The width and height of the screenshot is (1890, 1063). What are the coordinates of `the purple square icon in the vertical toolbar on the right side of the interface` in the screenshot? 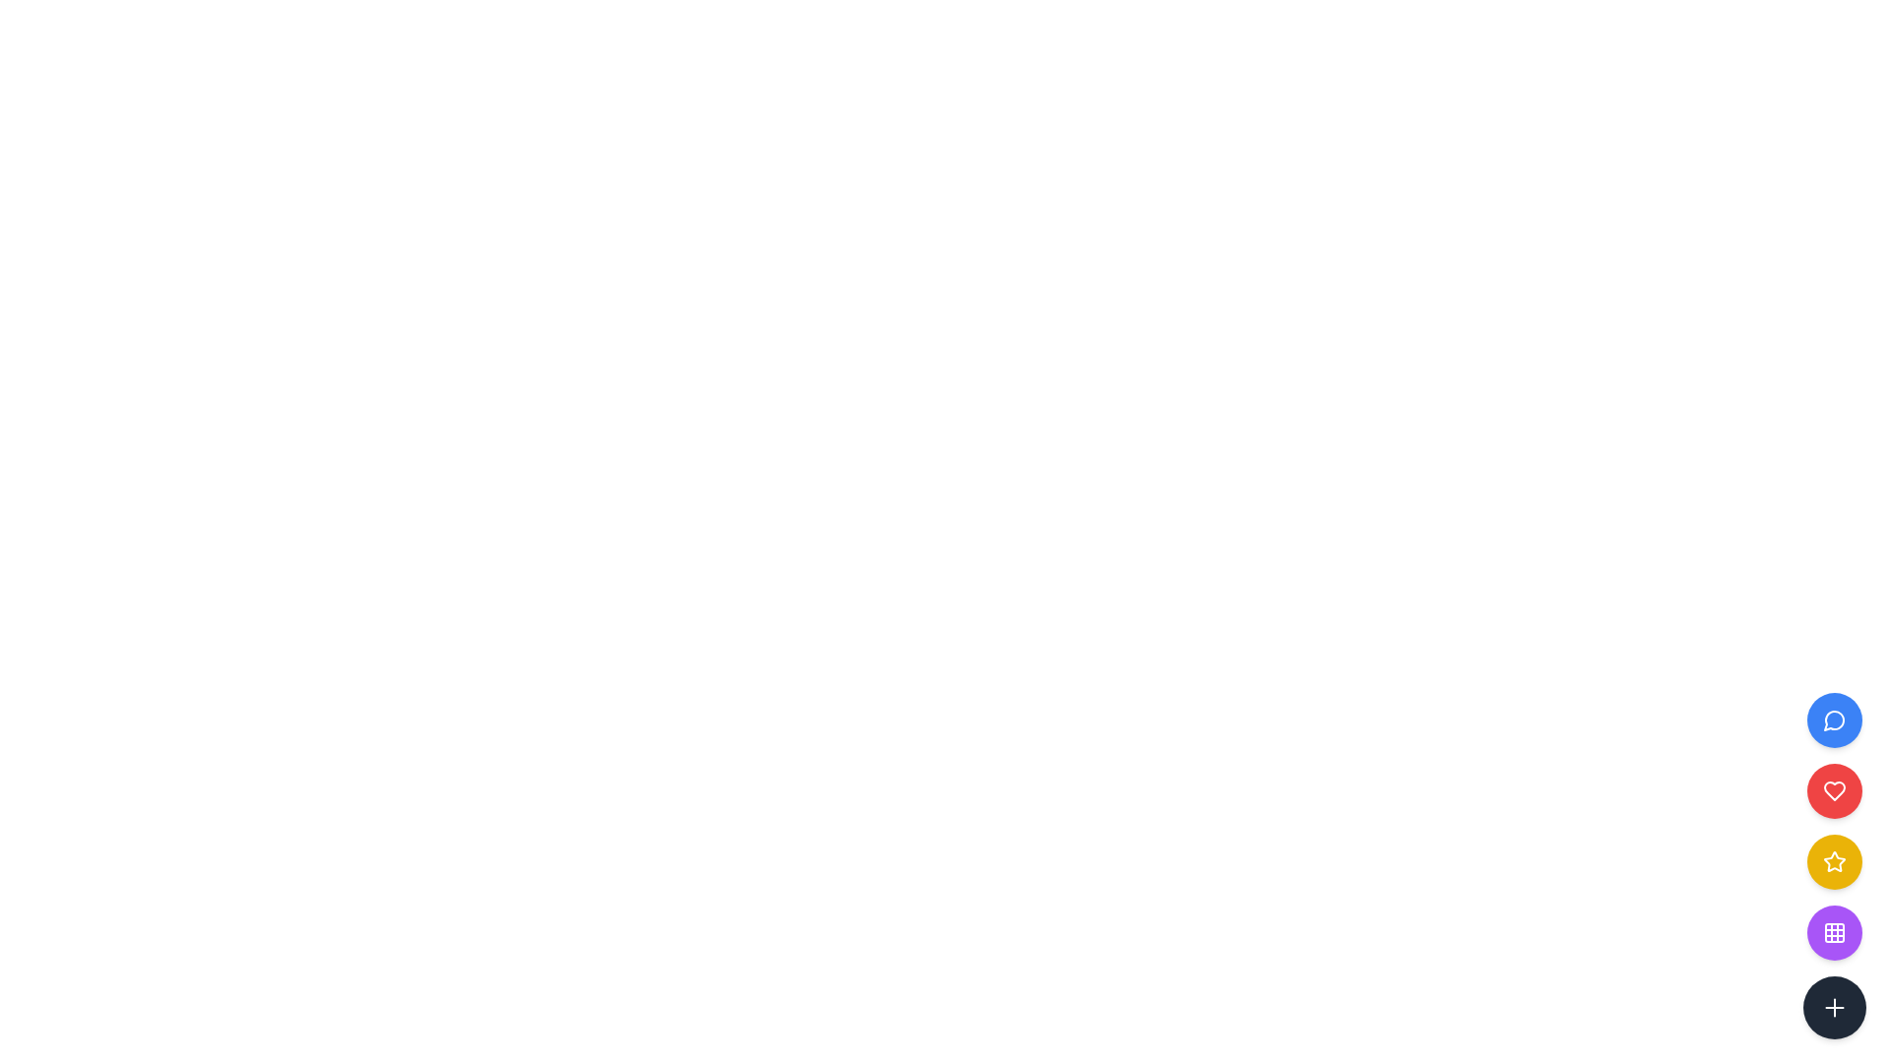 It's located at (1833, 932).